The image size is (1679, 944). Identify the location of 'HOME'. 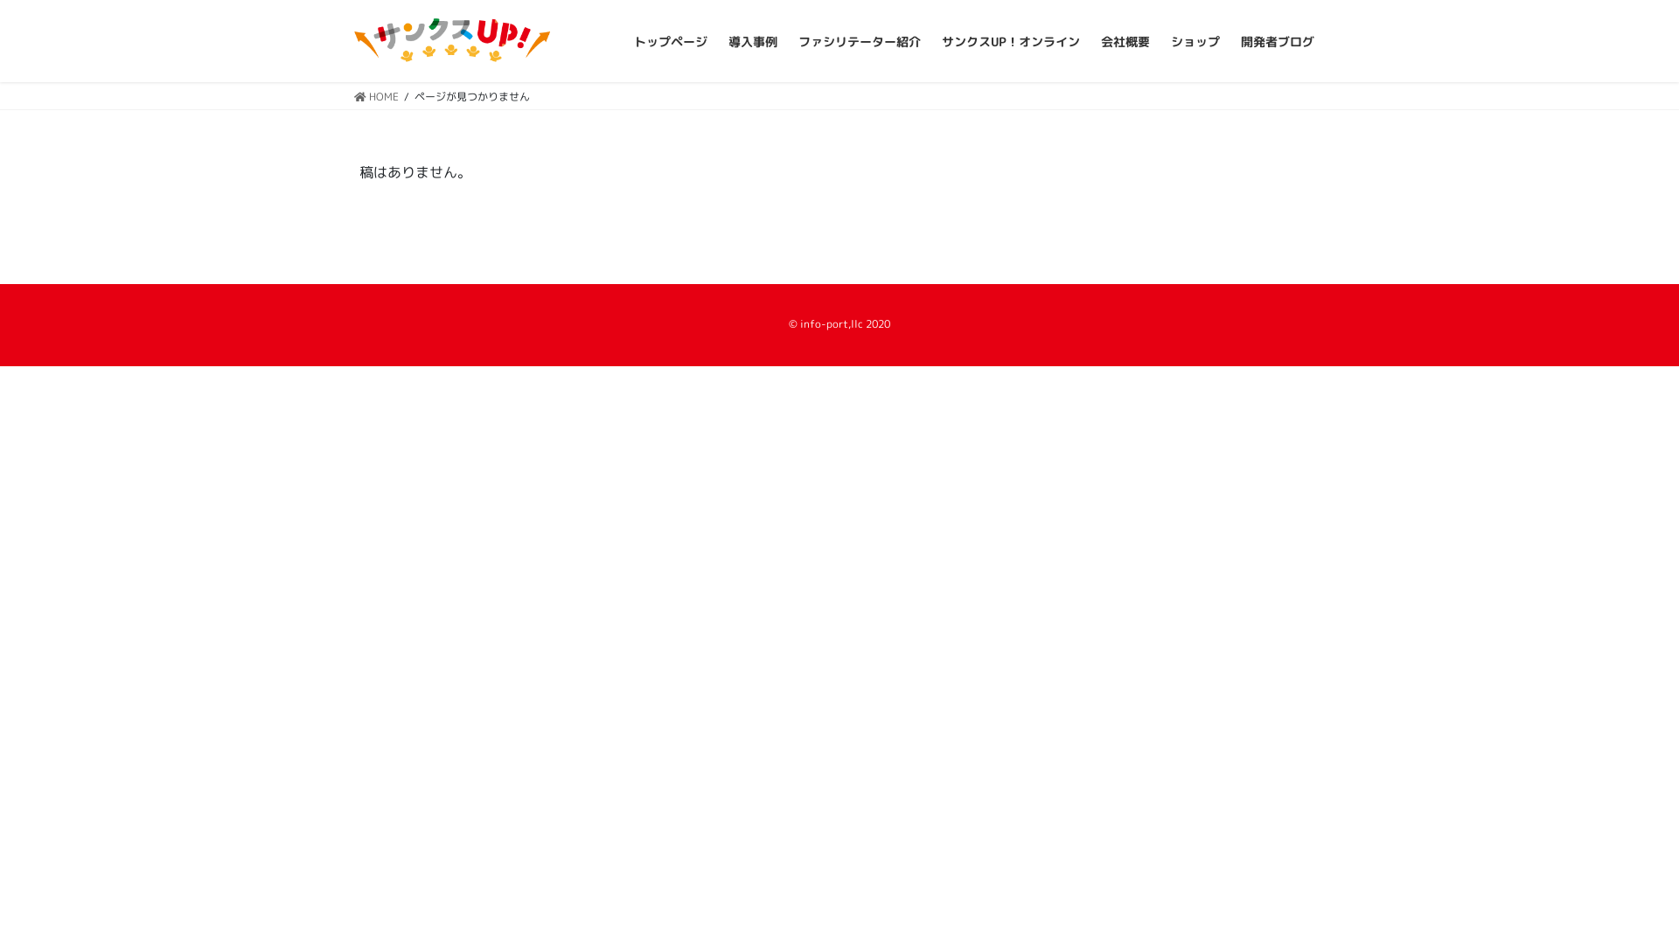
(352, 96).